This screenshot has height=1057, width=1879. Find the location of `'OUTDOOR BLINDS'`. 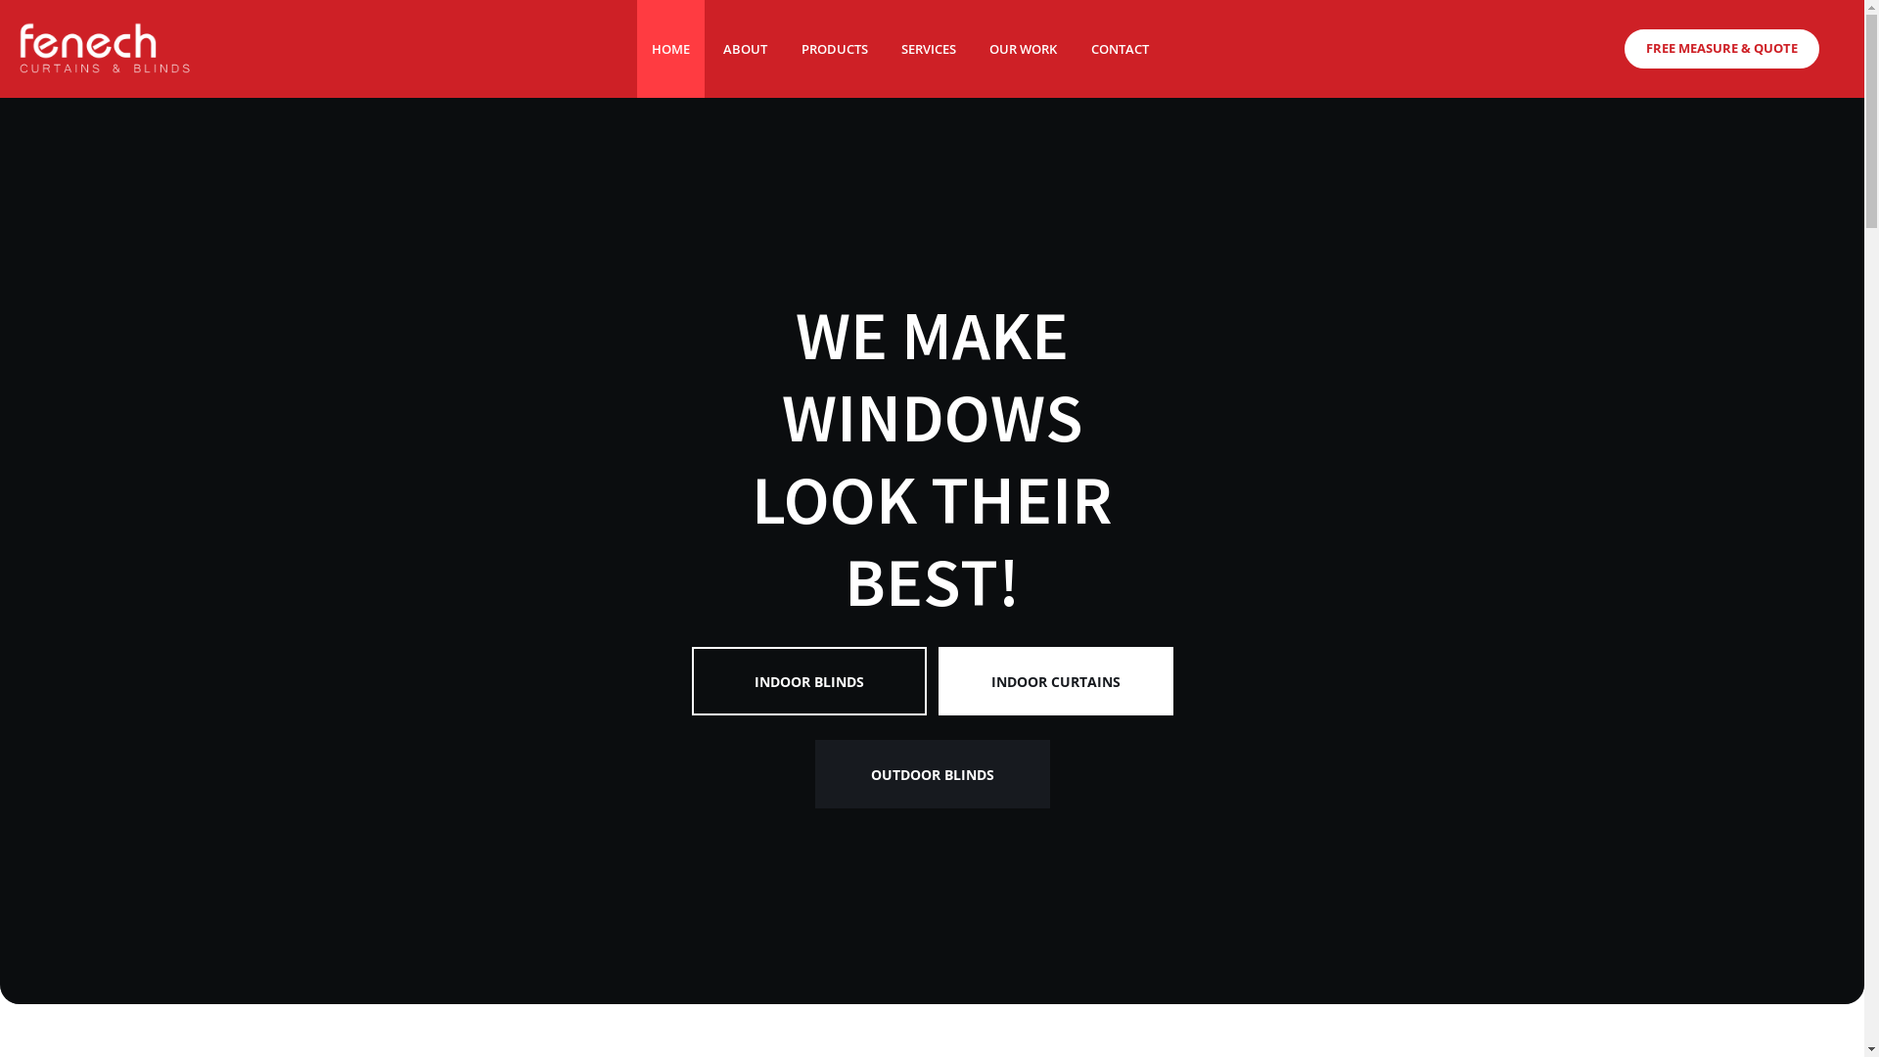

'OUTDOOR BLINDS' is located at coordinates (932, 808).